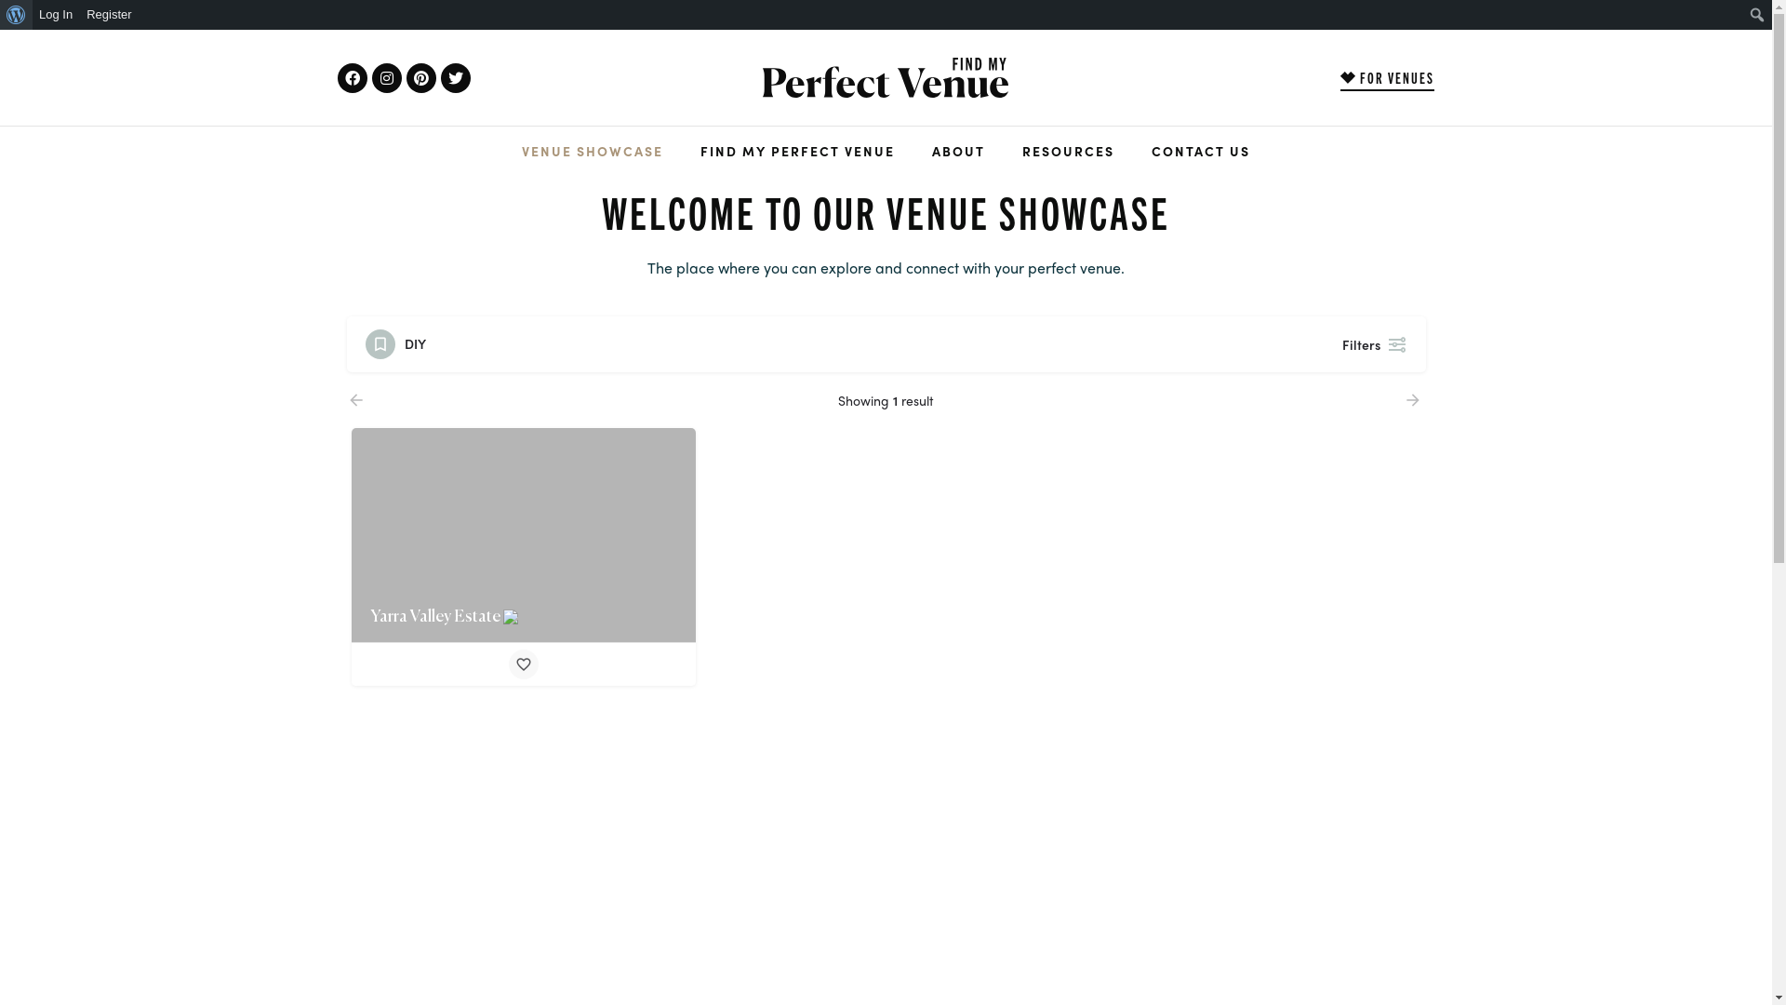 The width and height of the screenshot is (1786, 1005). What do you see at coordinates (958, 150) in the screenshot?
I see `'ABOUT'` at bounding box center [958, 150].